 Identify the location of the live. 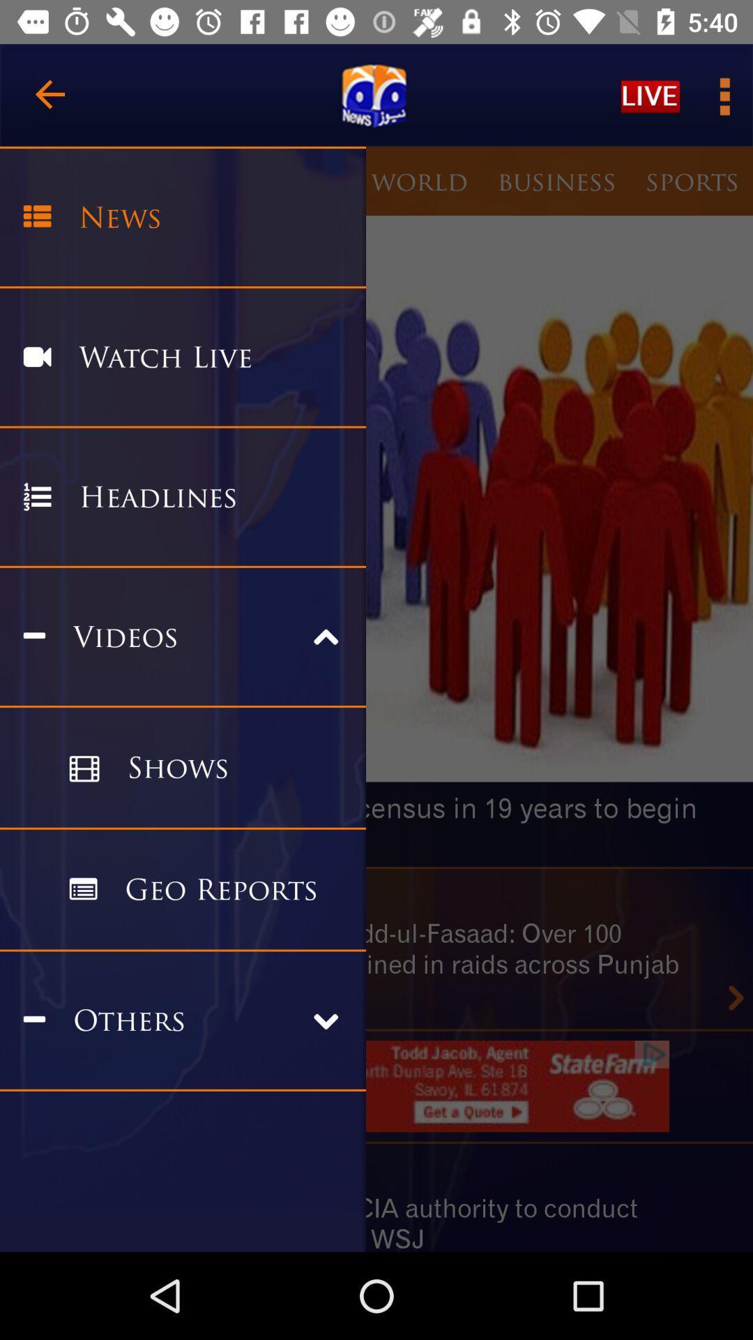
(651, 95).